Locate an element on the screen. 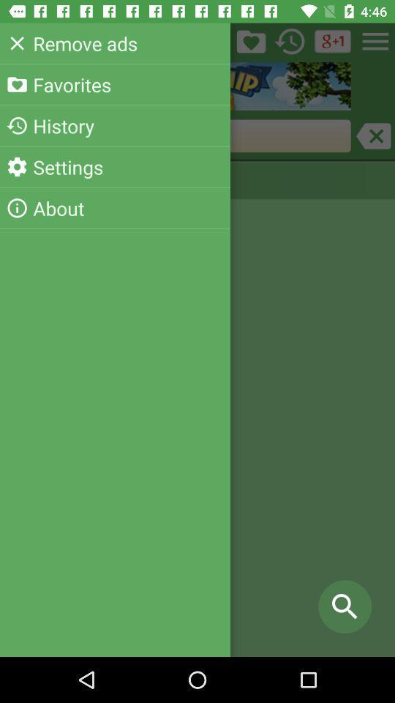  the menu icon is located at coordinates (375, 40).